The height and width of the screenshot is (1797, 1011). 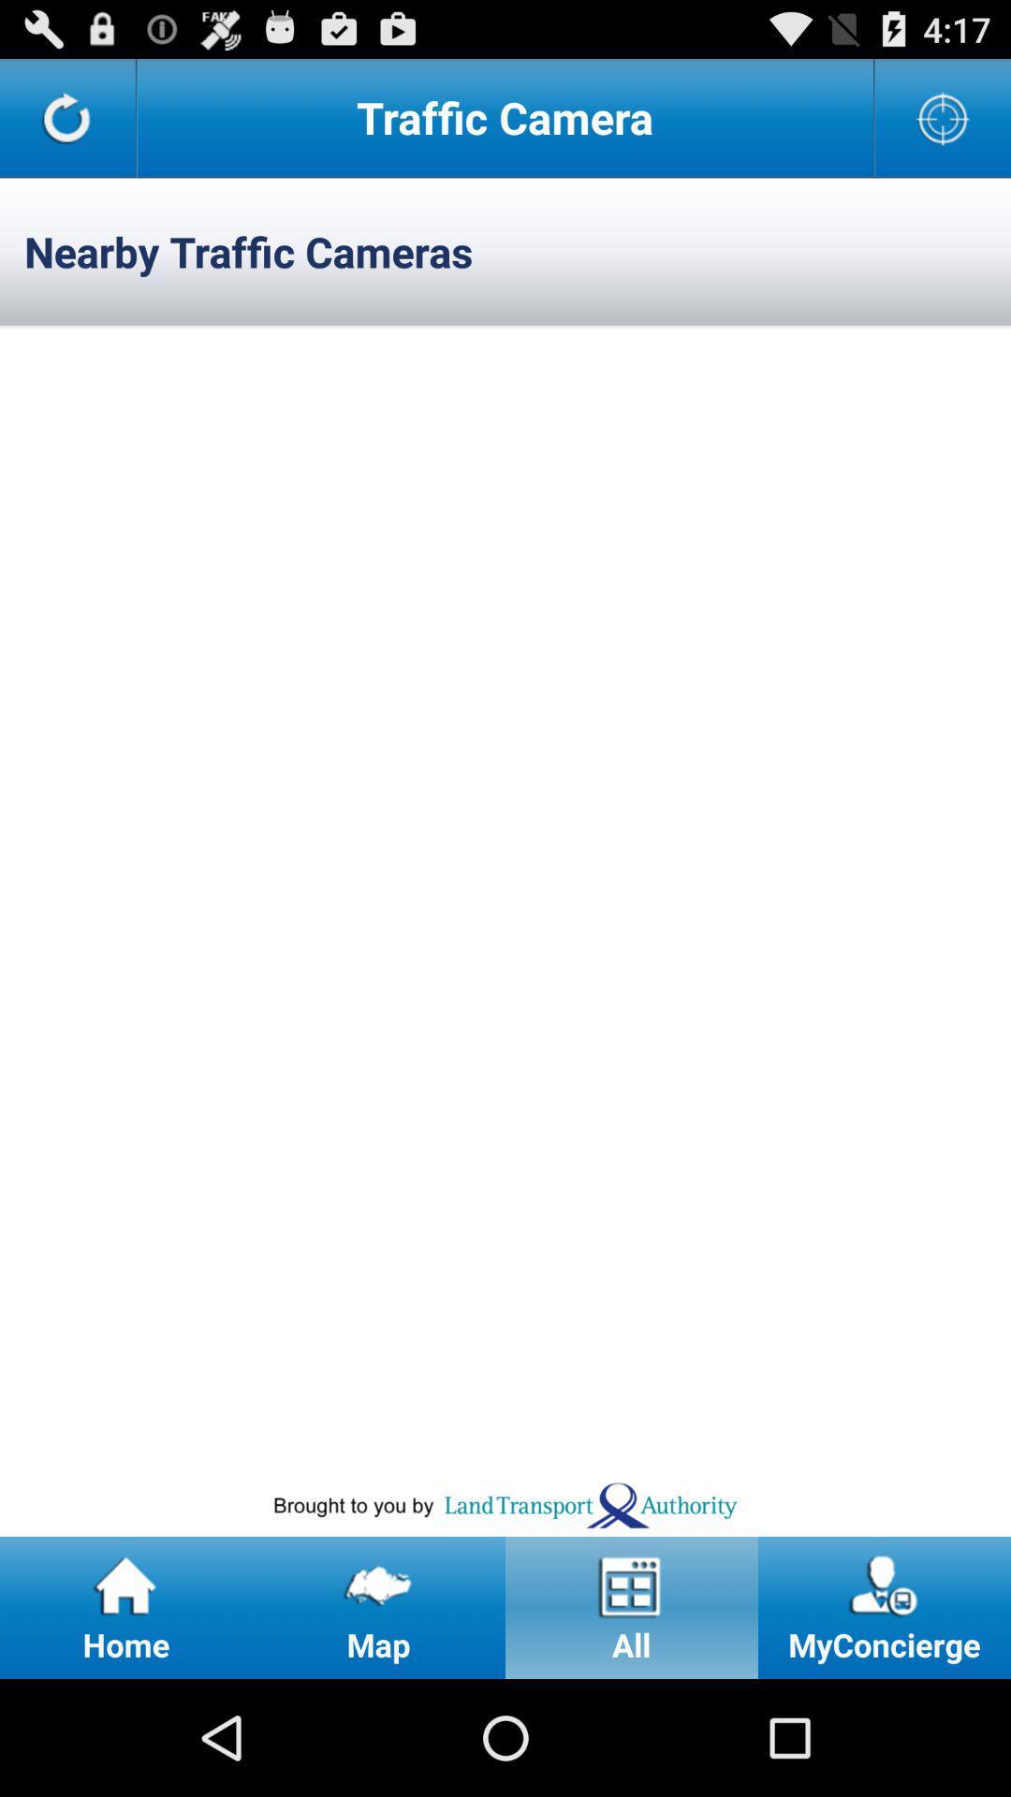 What do you see at coordinates (66, 116) in the screenshot?
I see `repeat` at bounding box center [66, 116].